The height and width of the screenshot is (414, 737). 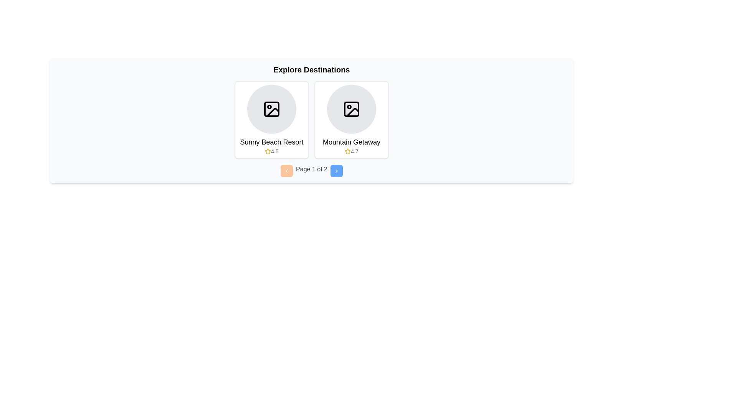 I want to click on the star icon indicating a high rating for 'Sunny Beach Resort' as part of the rating display, so click(x=268, y=151).